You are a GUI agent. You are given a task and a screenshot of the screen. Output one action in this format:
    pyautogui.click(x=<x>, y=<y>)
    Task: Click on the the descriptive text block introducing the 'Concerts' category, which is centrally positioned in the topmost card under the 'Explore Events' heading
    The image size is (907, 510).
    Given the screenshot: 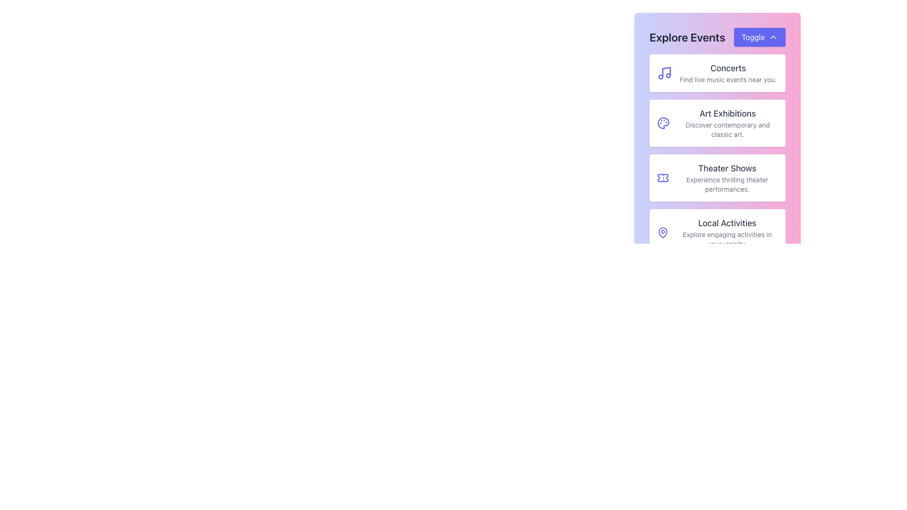 What is the action you would take?
    pyautogui.click(x=727, y=72)
    